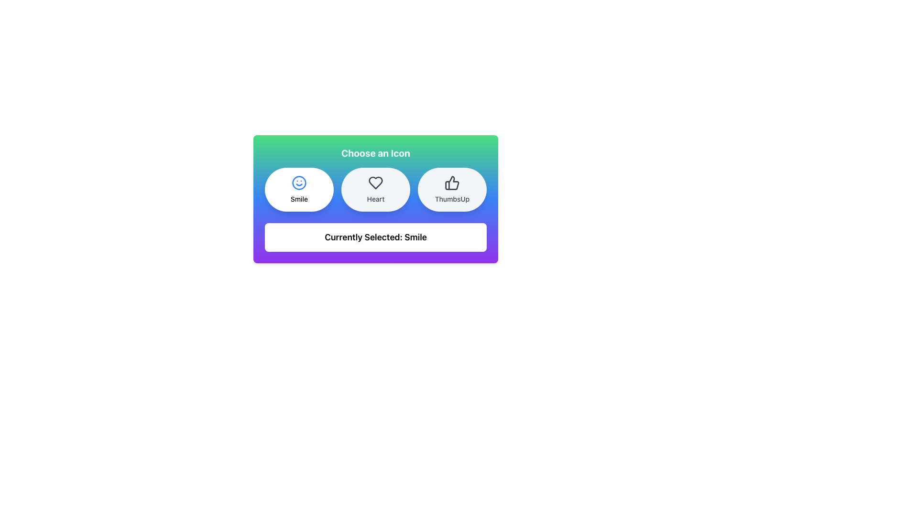  Describe the element at coordinates (451, 190) in the screenshot. I see `the rightmost button in a group of three buttons, which features a thumbs-up symbol, to observe the visual effect` at that location.